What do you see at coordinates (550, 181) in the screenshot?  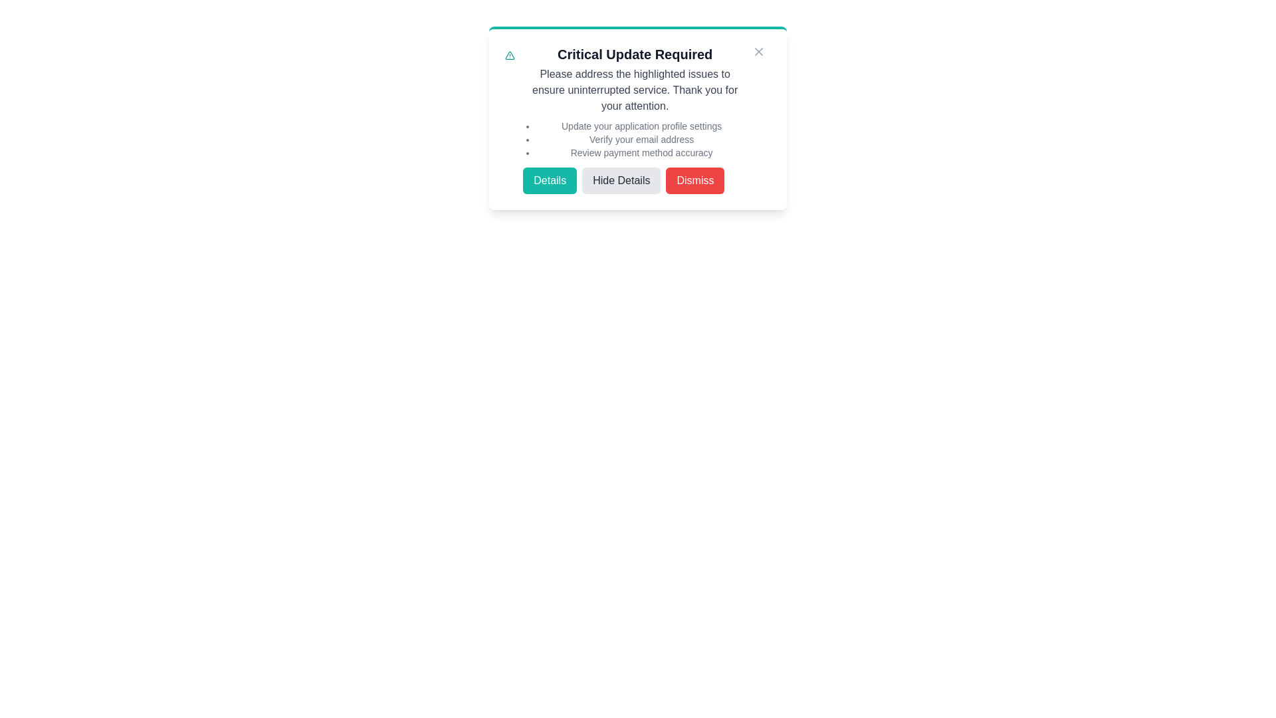 I see `the leftmost button in the group of three buttons, located below the 'Critical Update Required' card` at bounding box center [550, 181].